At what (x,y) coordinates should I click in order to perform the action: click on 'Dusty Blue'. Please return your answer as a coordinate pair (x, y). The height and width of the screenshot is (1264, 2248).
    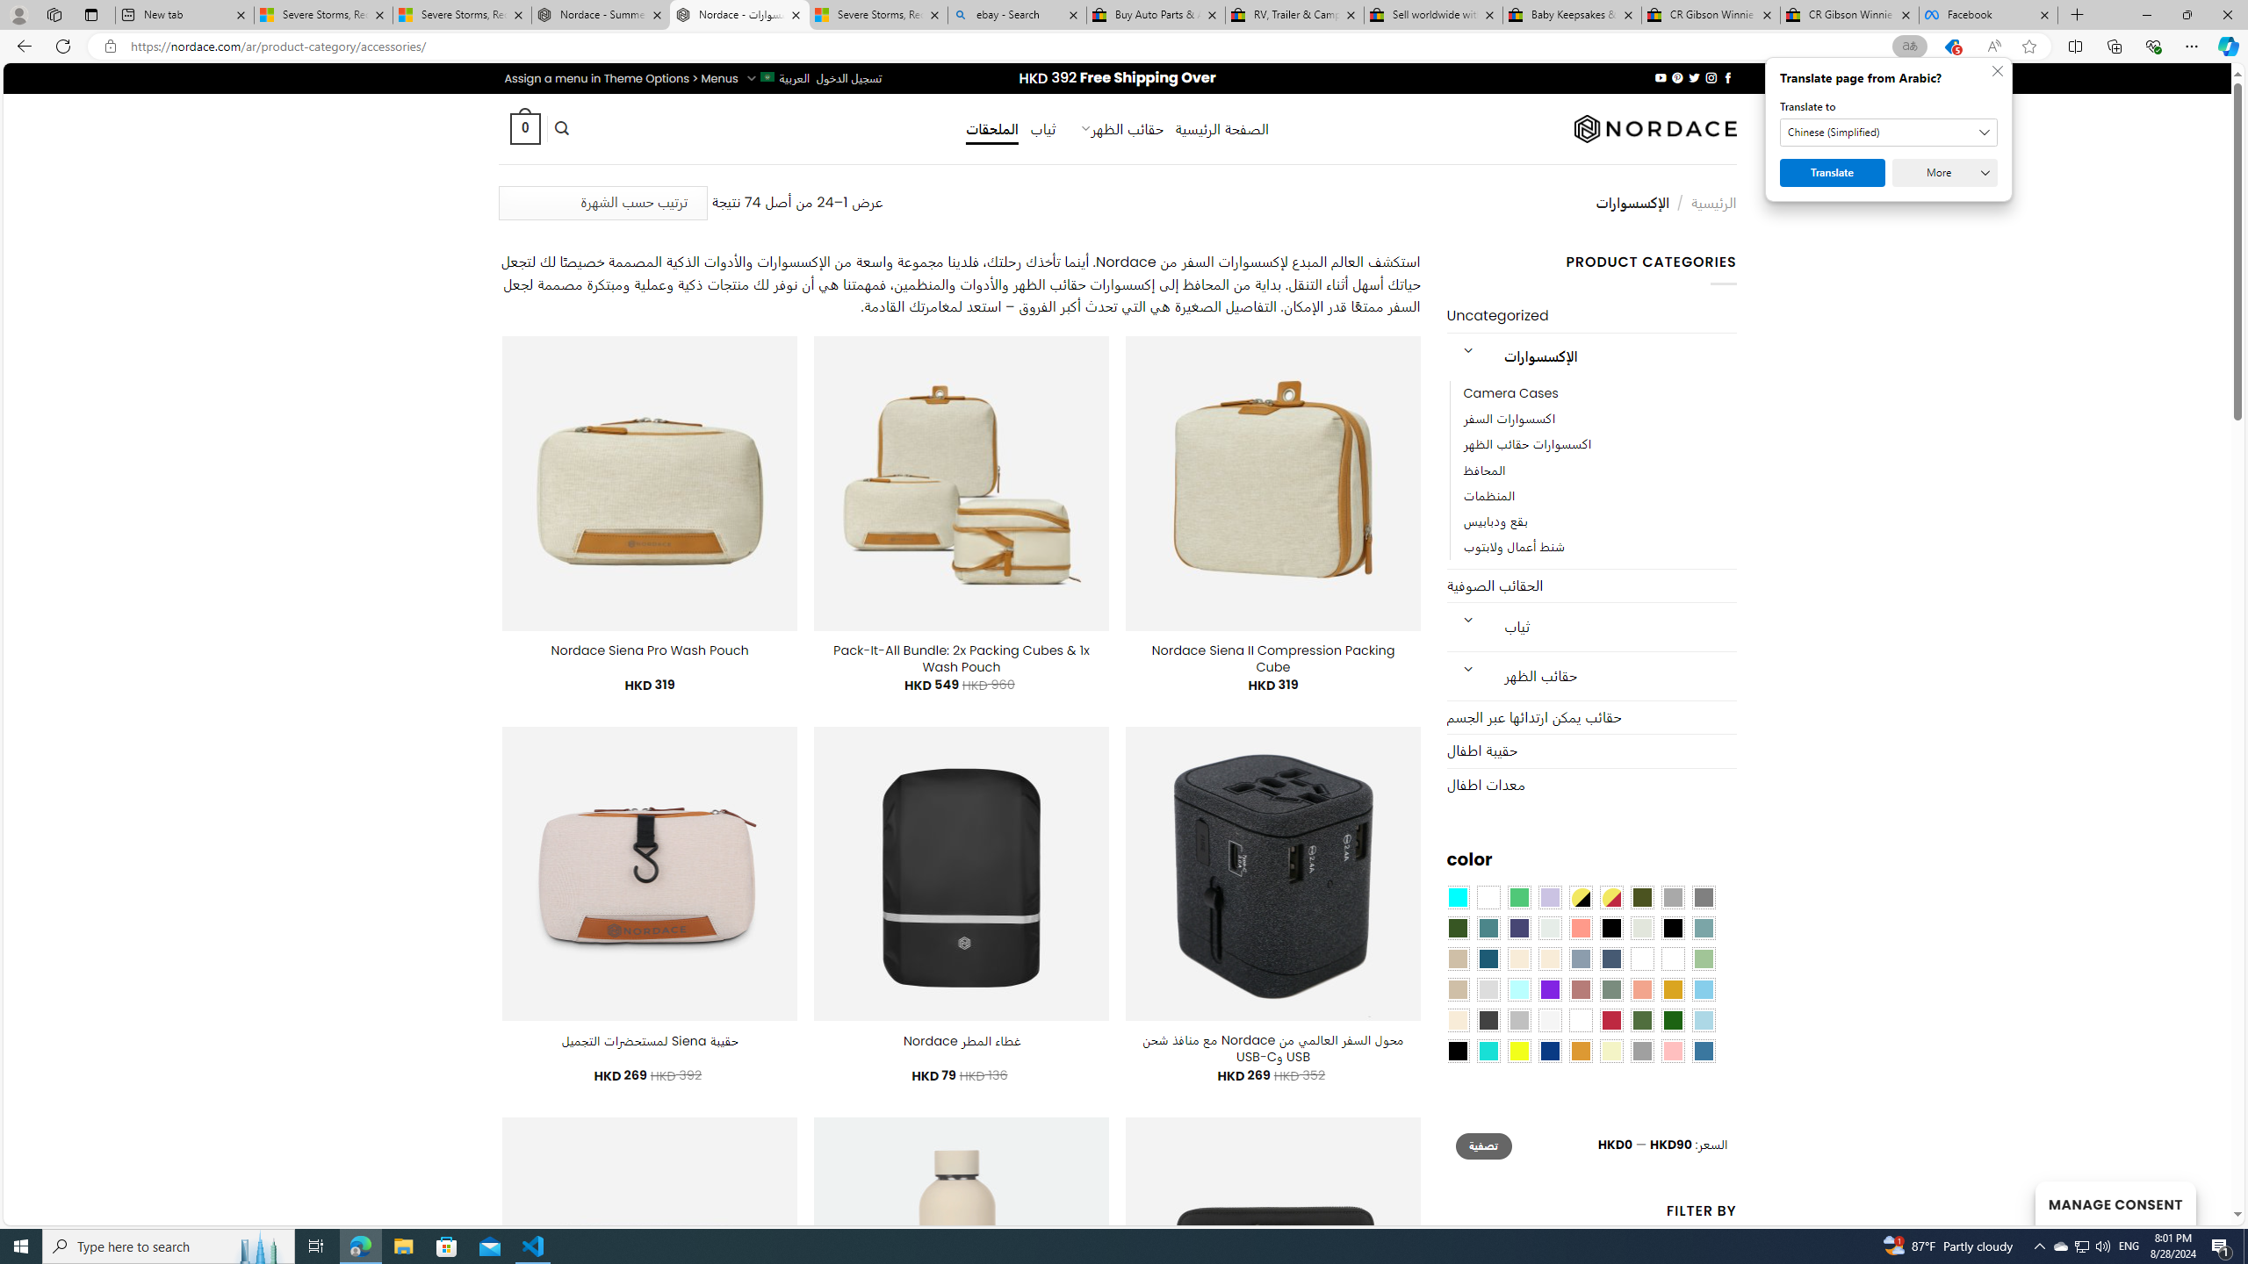
    Looking at the image, I should click on (1579, 958).